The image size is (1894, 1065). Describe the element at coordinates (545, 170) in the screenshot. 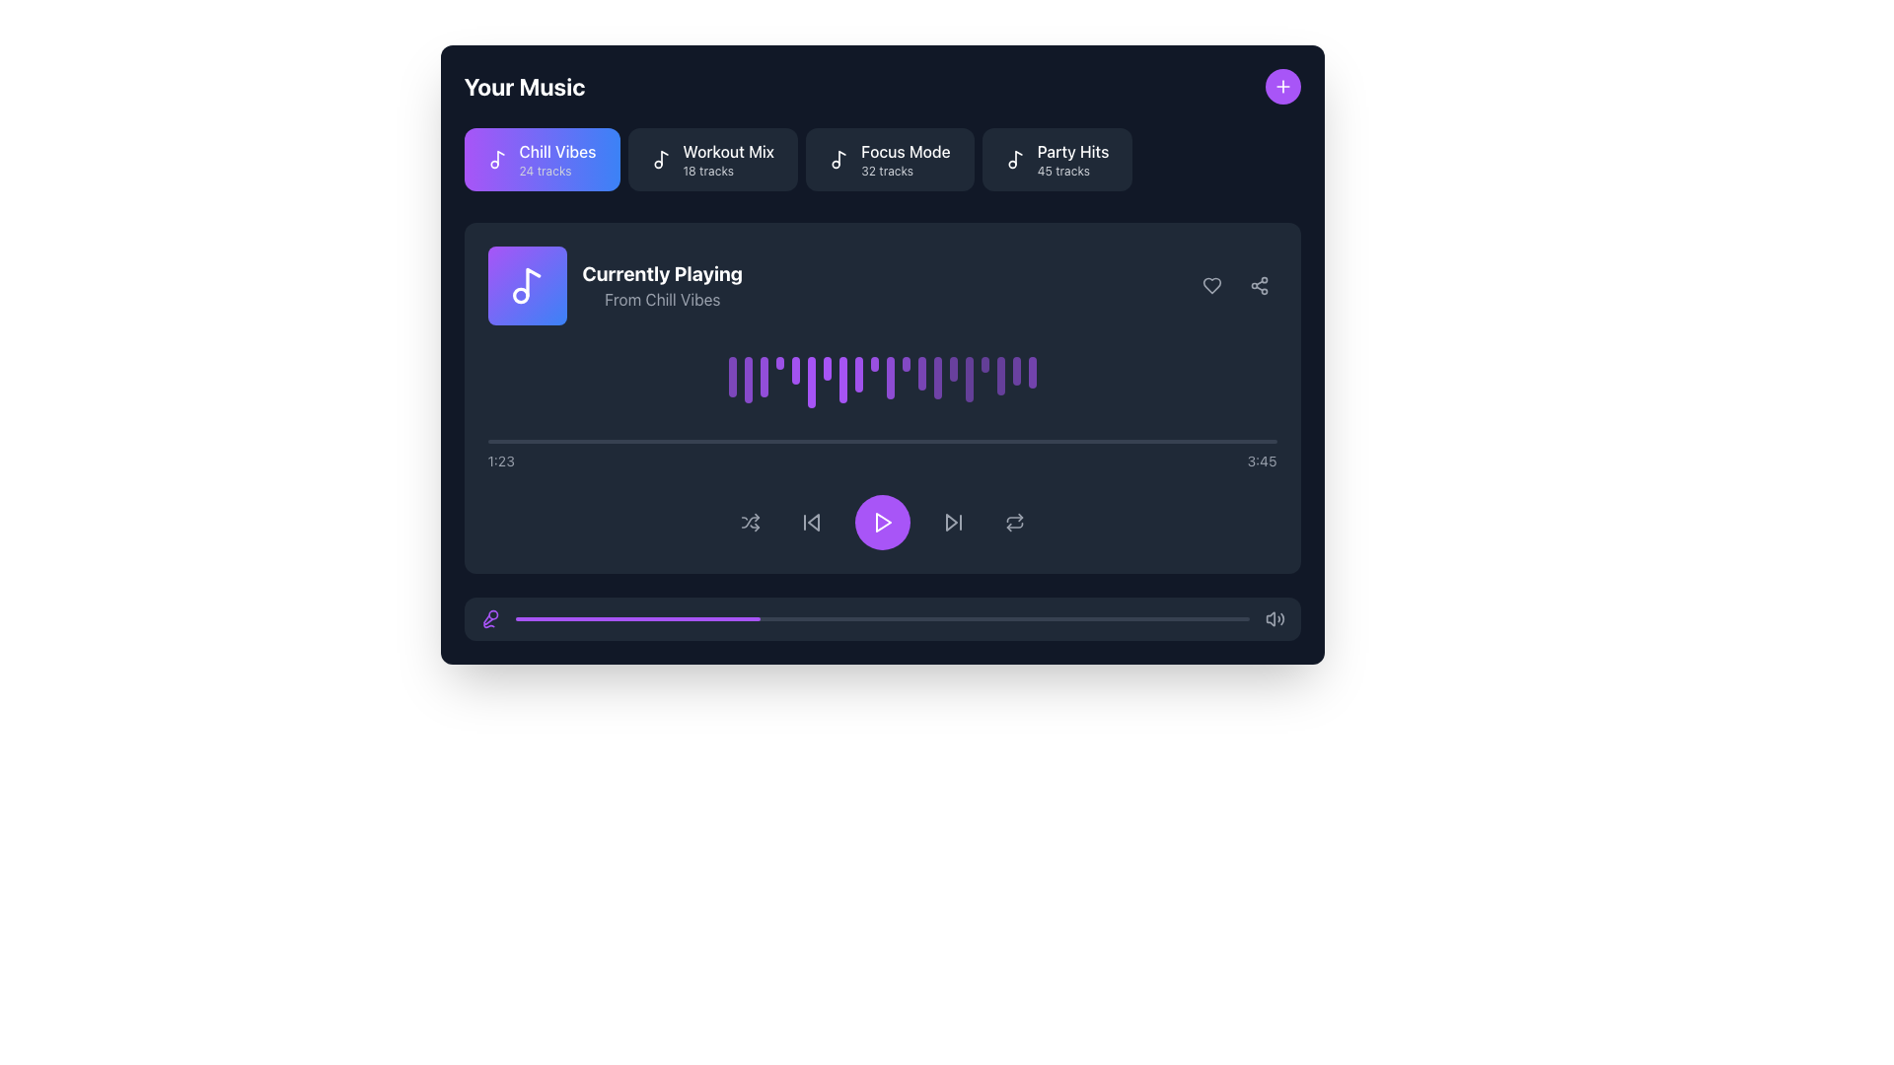

I see `the small textual label reading '24 tracks.' which is located below the 'Chill Vibes' text label within the purple button-like structure in the 'Your Music' section` at that location.